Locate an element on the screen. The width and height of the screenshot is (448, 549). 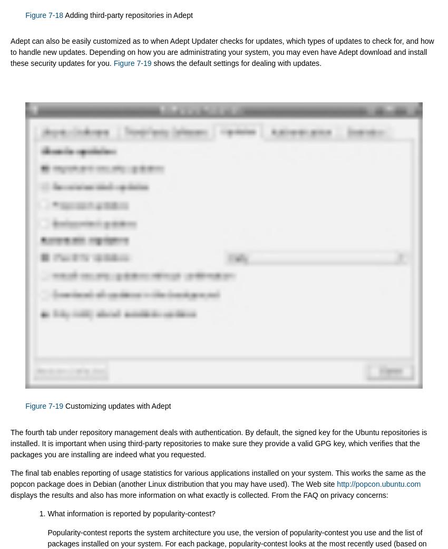
'shows the default settings for dealing with updates.' is located at coordinates (236, 63).